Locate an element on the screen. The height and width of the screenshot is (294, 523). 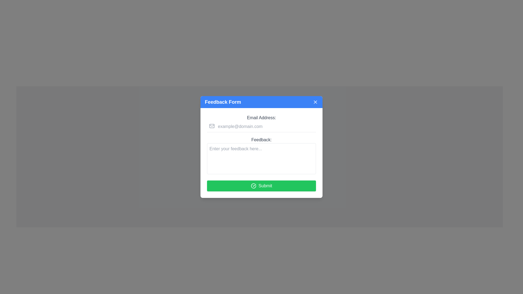
the green rectangular 'Submit' button with a white checkmark icon is located at coordinates (261, 185).